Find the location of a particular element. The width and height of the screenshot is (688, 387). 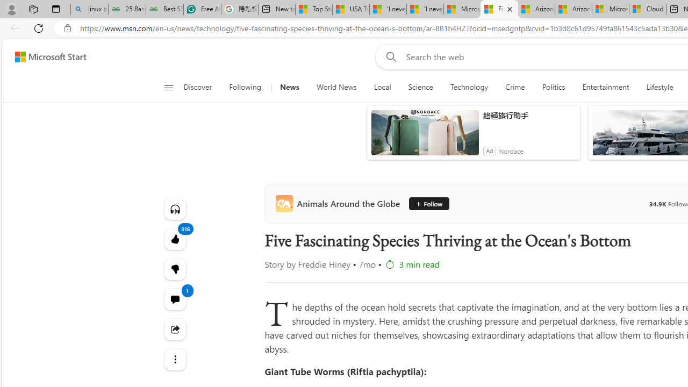

'Open navigation menu' is located at coordinates (168, 87).